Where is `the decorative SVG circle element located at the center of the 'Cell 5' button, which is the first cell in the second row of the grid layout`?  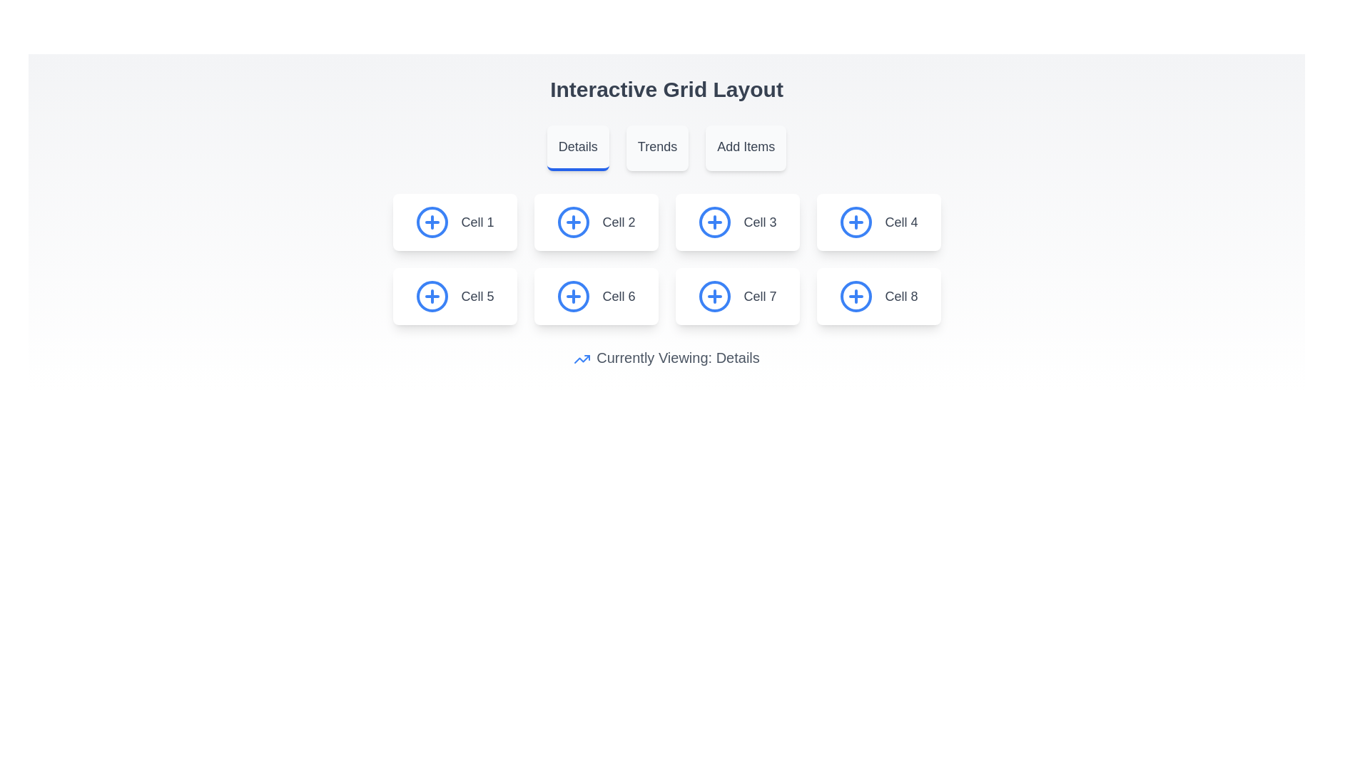 the decorative SVG circle element located at the center of the 'Cell 5' button, which is the first cell in the second row of the grid layout is located at coordinates (432, 296).